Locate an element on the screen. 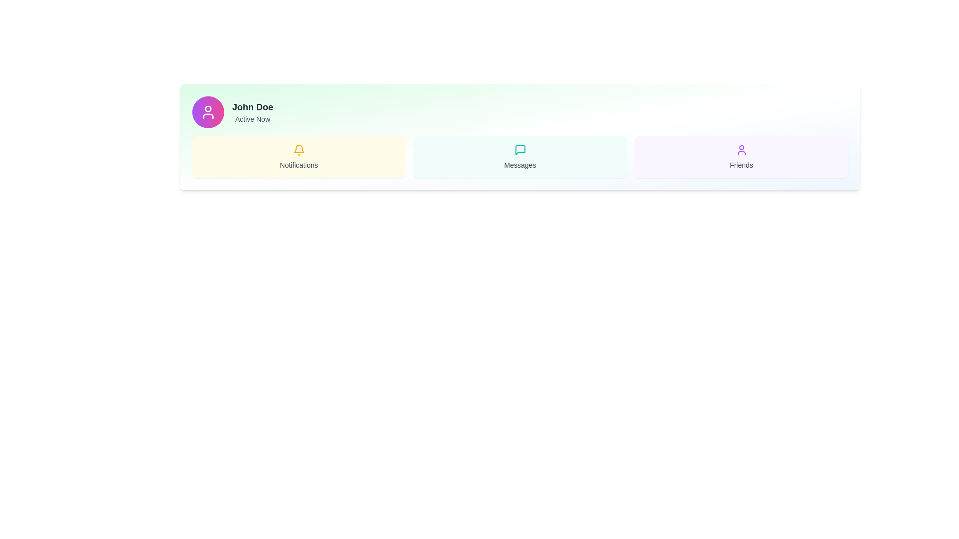 This screenshot has height=539, width=959. the chat bubble icon, which is a 24x24 pixel icon with rounded corners outlined in teal, located at the top center of the 'Messages' section is located at coordinates (519, 150).